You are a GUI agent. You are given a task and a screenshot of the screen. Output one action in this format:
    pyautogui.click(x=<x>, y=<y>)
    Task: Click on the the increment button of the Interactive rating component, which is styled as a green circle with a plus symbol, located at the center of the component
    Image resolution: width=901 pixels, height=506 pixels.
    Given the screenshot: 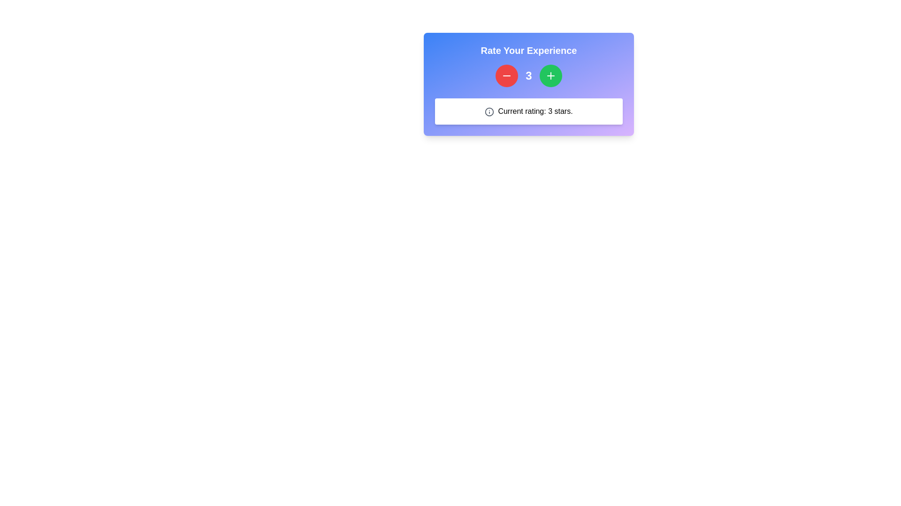 What is the action you would take?
    pyautogui.click(x=529, y=84)
    